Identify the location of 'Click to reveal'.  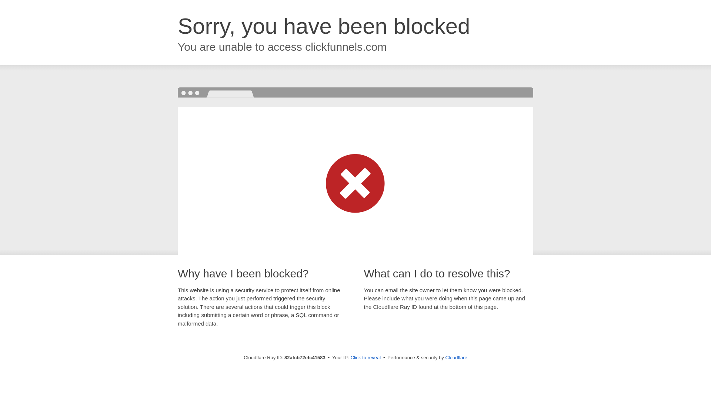
(365, 357).